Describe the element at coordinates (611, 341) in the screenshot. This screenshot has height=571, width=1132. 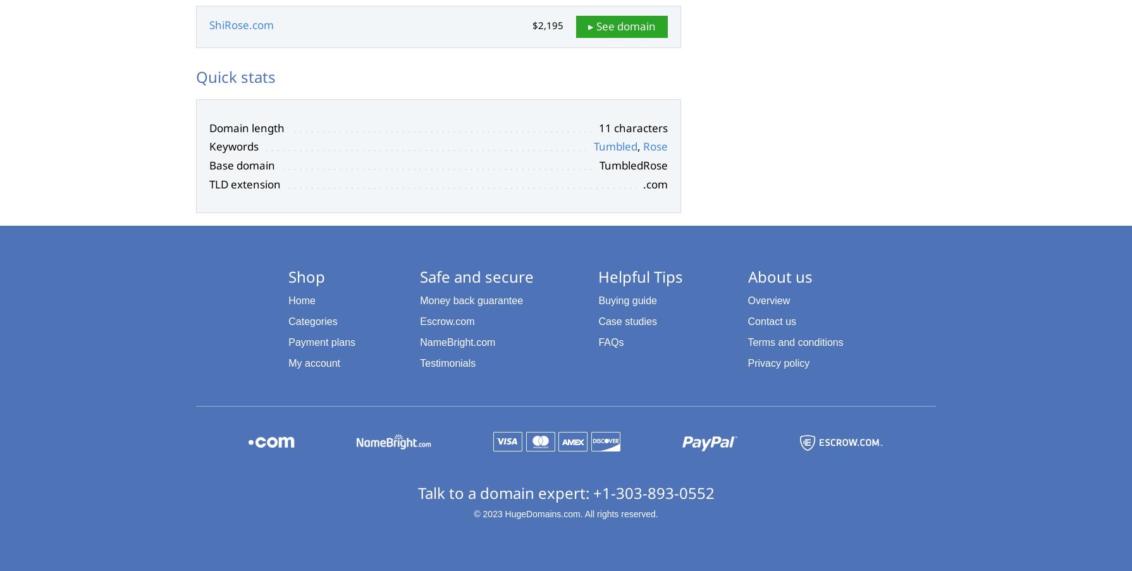
I see `'FAQs'` at that location.